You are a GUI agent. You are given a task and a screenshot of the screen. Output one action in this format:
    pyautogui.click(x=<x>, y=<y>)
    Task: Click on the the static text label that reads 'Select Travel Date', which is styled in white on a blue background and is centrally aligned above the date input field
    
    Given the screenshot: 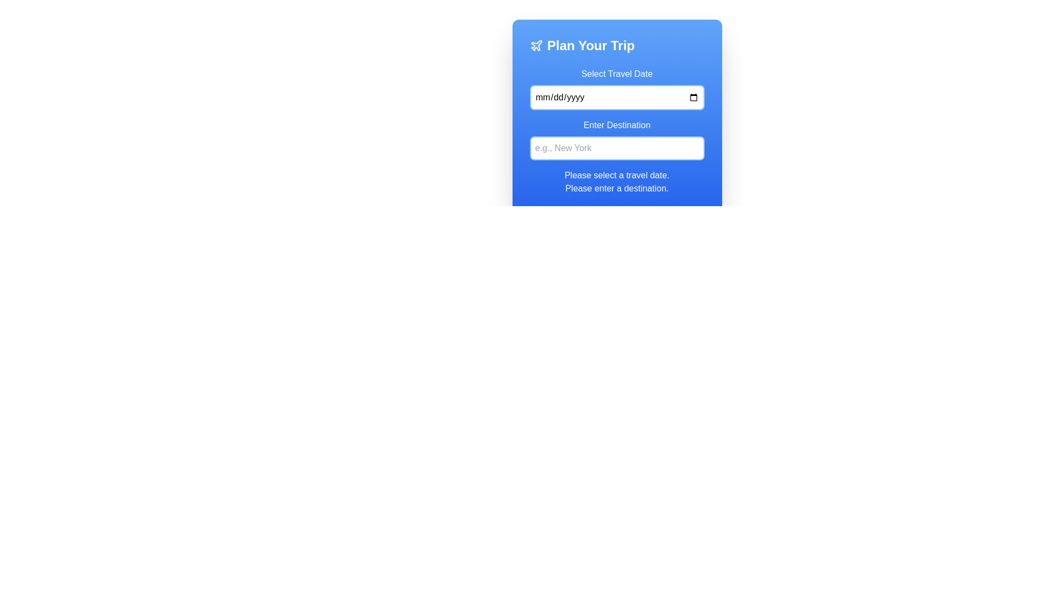 What is the action you would take?
    pyautogui.click(x=617, y=74)
    